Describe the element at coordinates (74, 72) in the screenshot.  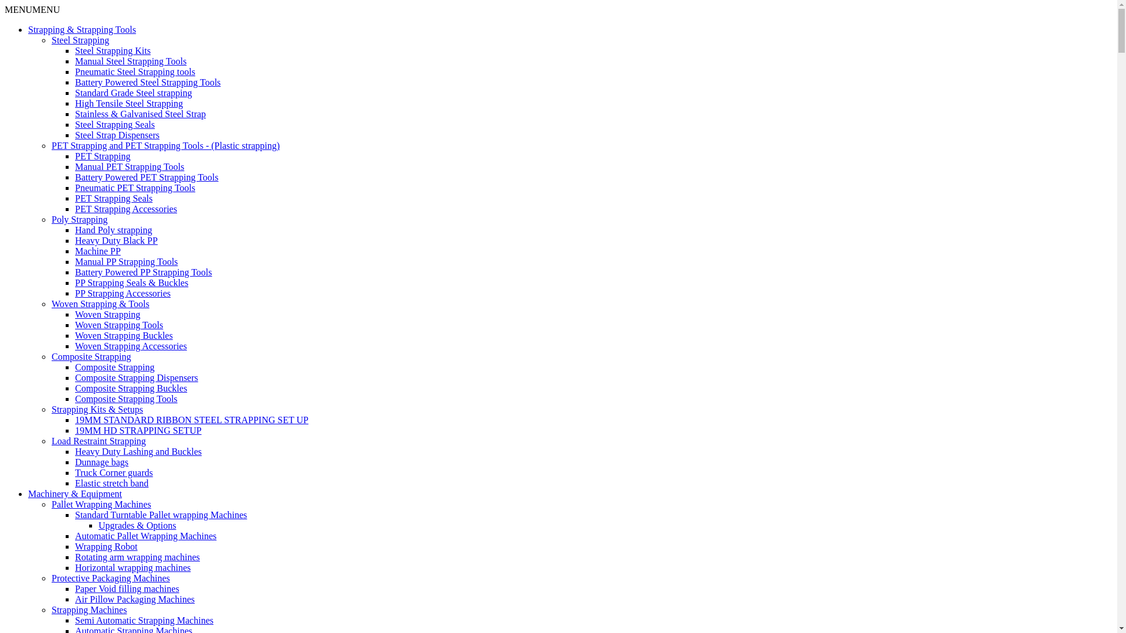
I see `'Pneumatic Steel Strapping tools'` at that location.